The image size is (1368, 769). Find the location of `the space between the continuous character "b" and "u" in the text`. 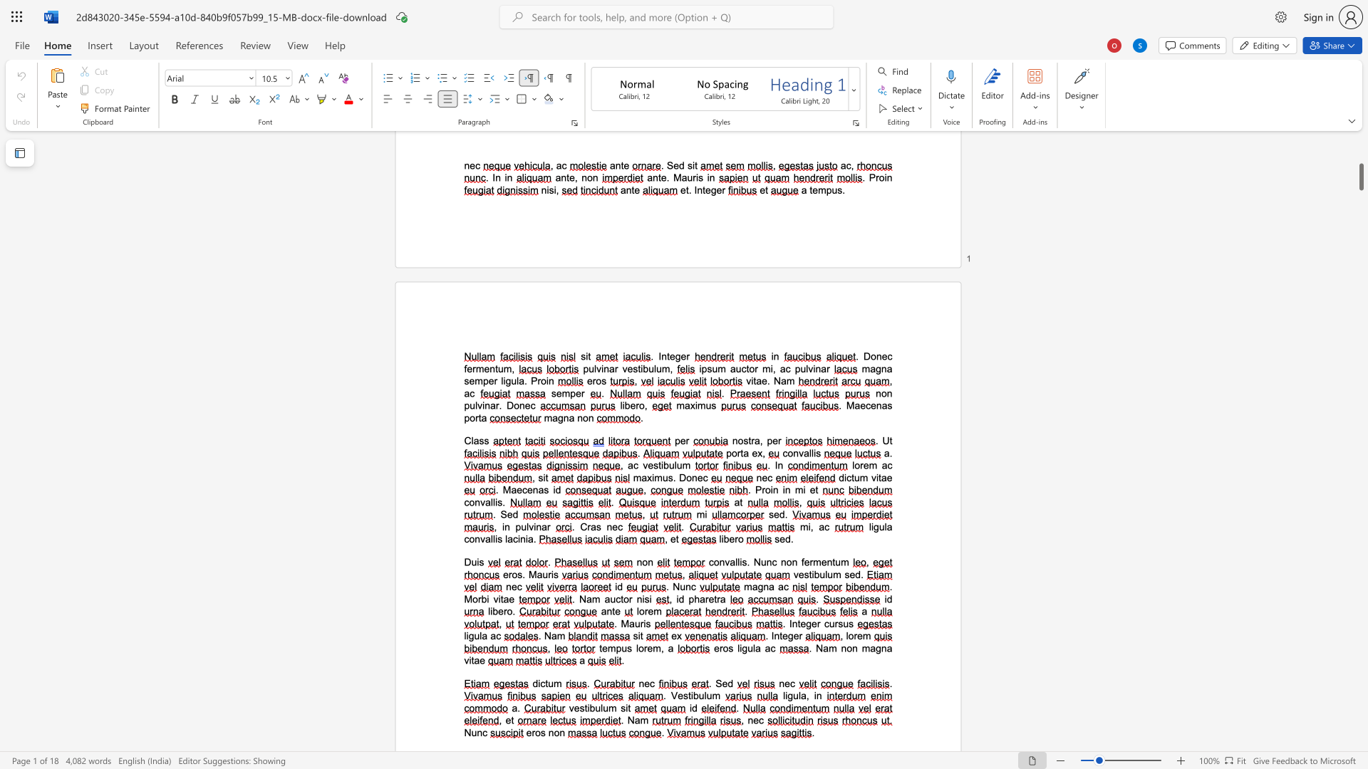

the space between the continuous character "b" and "u" in the text is located at coordinates (668, 465).